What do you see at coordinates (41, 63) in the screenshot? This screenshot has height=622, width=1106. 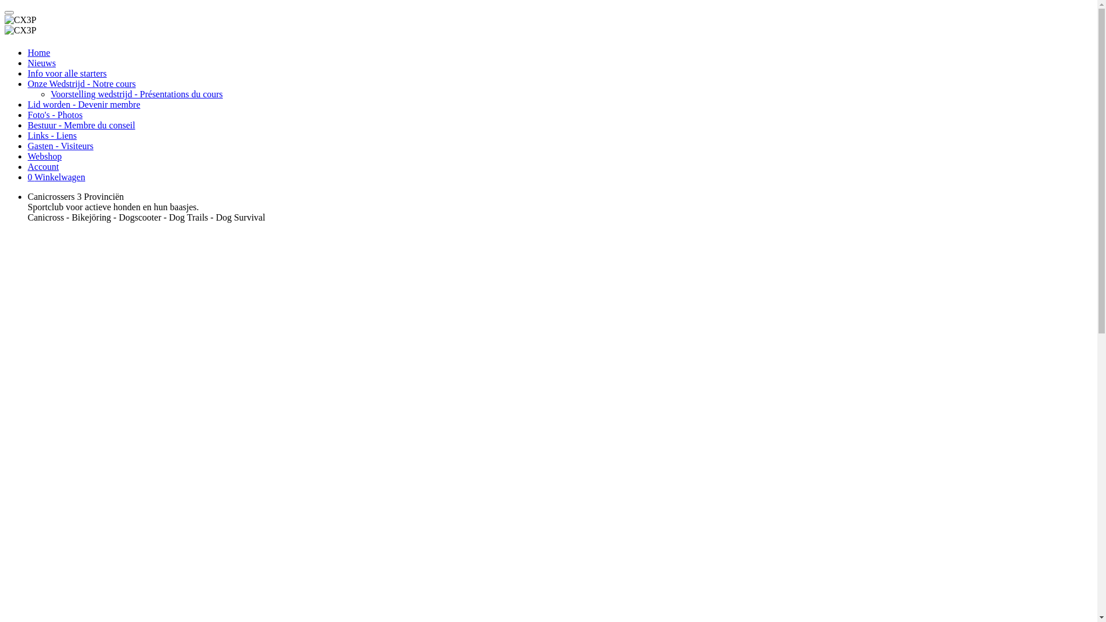 I see `'Nieuws'` at bounding box center [41, 63].